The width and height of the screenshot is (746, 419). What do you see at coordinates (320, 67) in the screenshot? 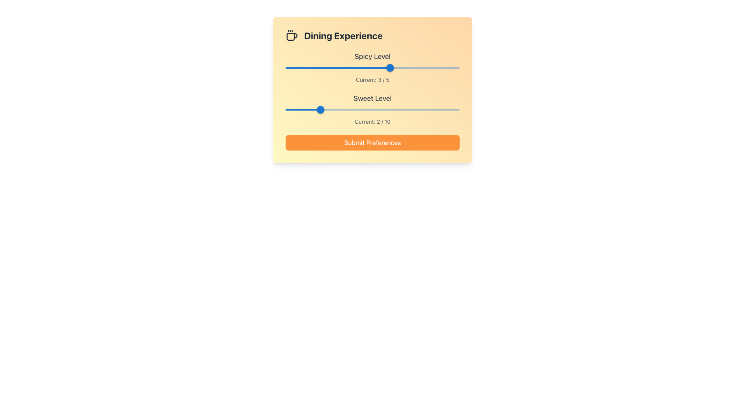
I see `the spicy level` at bounding box center [320, 67].